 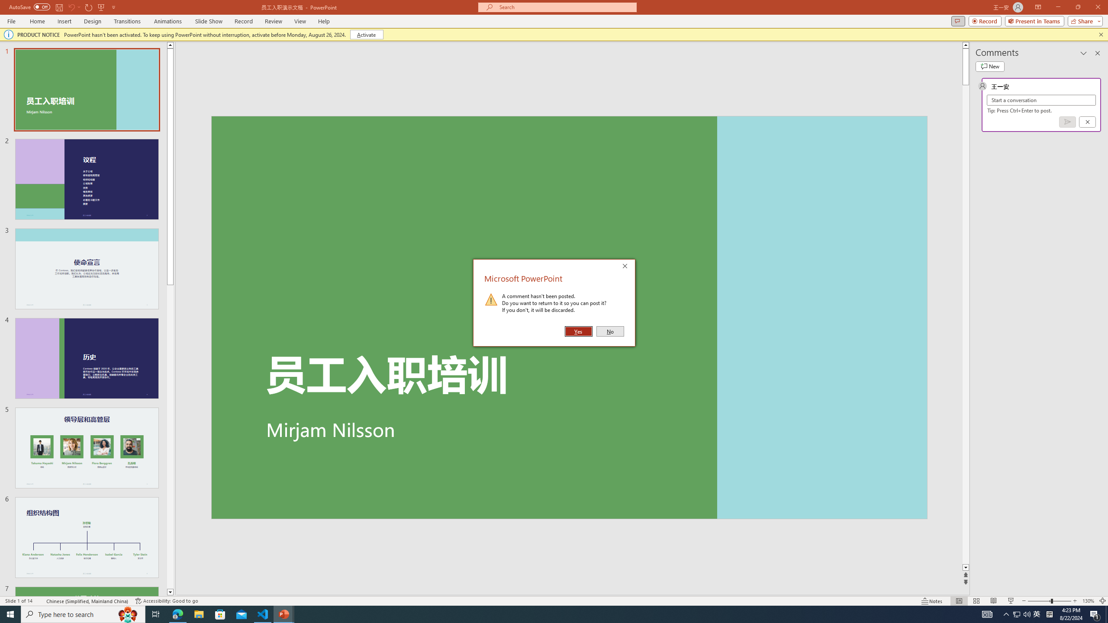 What do you see at coordinates (40, 601) in the screenshot?
I see `'Spell Check '` at bounding box center [40, 601].